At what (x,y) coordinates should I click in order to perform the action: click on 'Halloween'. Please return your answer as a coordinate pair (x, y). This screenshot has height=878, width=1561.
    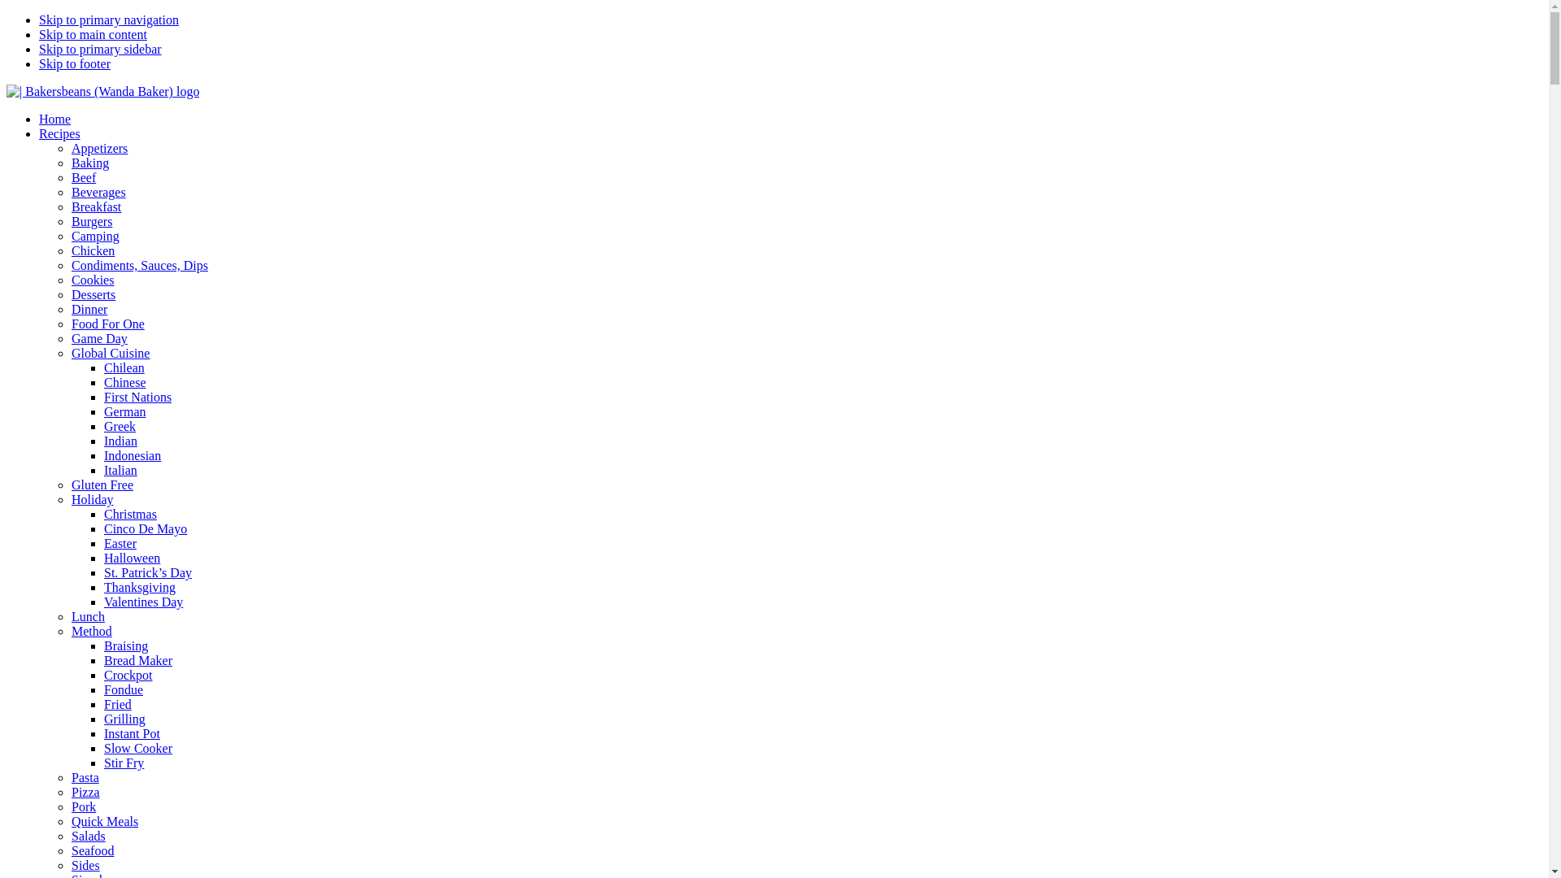
    Looking at the image, I should click on (132, 557).